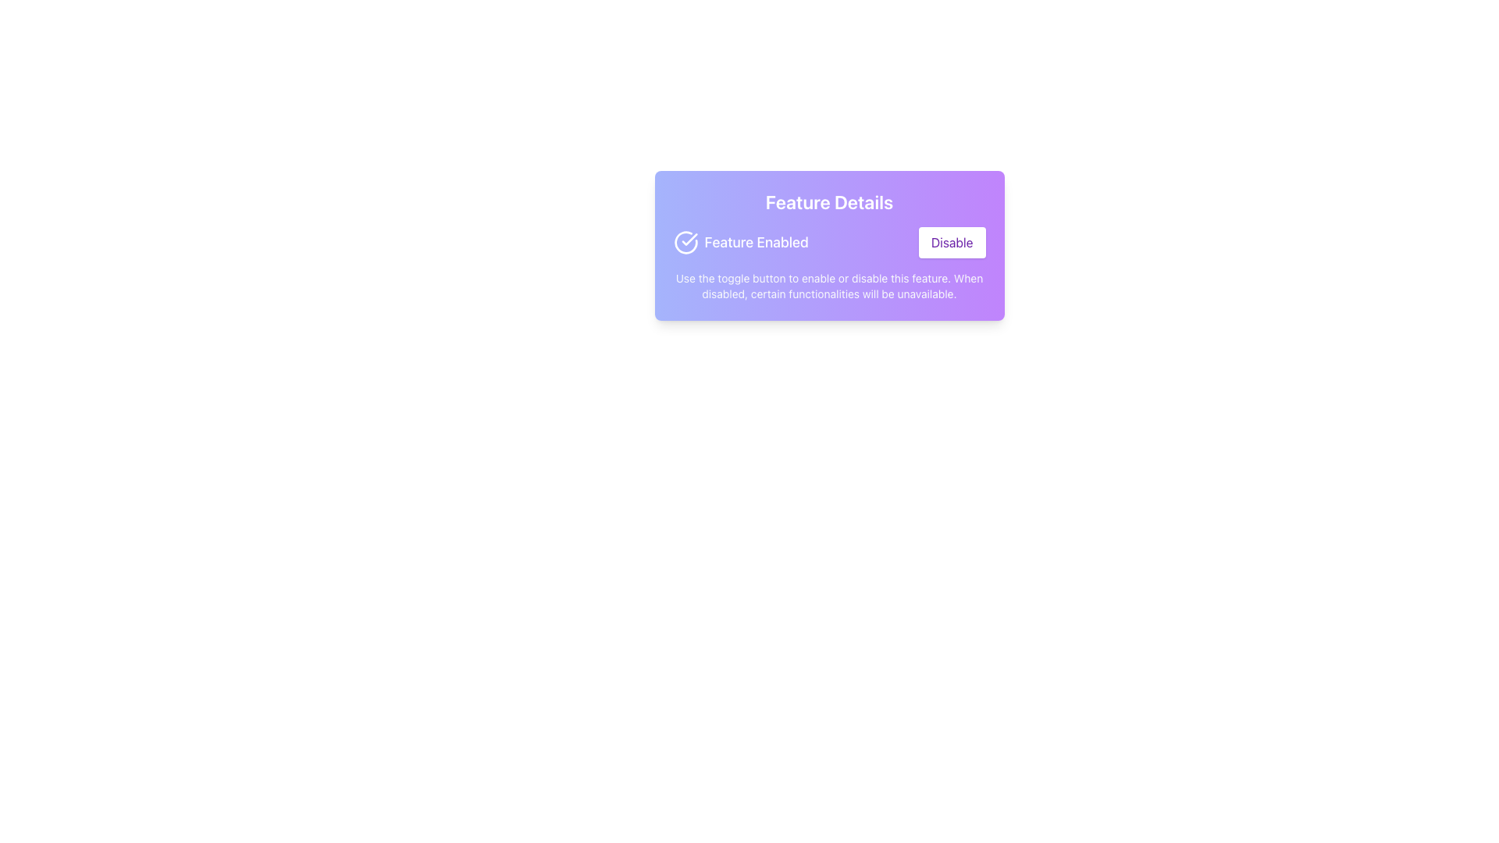 The image size is (1499, 843). What do you see at coordinates (828, 201) in the screenshot?
I see `text content of the text header displayed at the top center of the gradient-colored card, which is large, white, and bold` at bounding box center [828, 201].